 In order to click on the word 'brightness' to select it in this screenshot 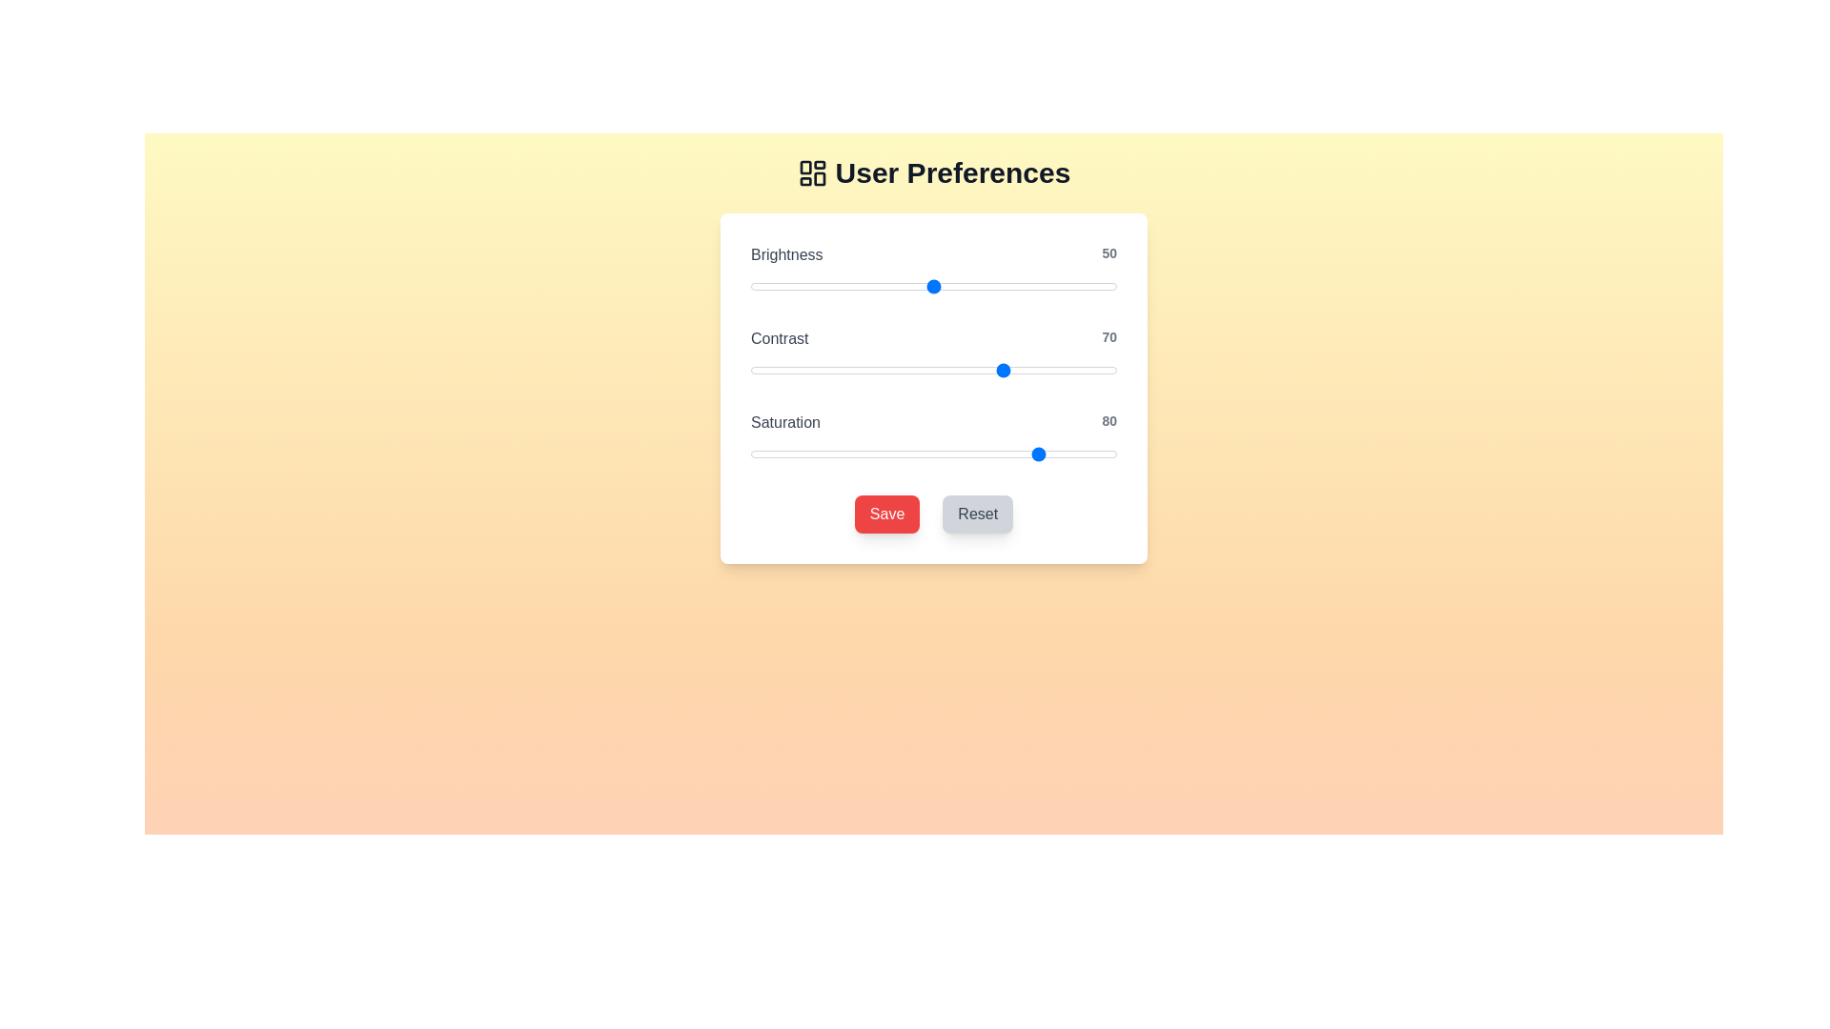, I will do `click(786, 253)`.